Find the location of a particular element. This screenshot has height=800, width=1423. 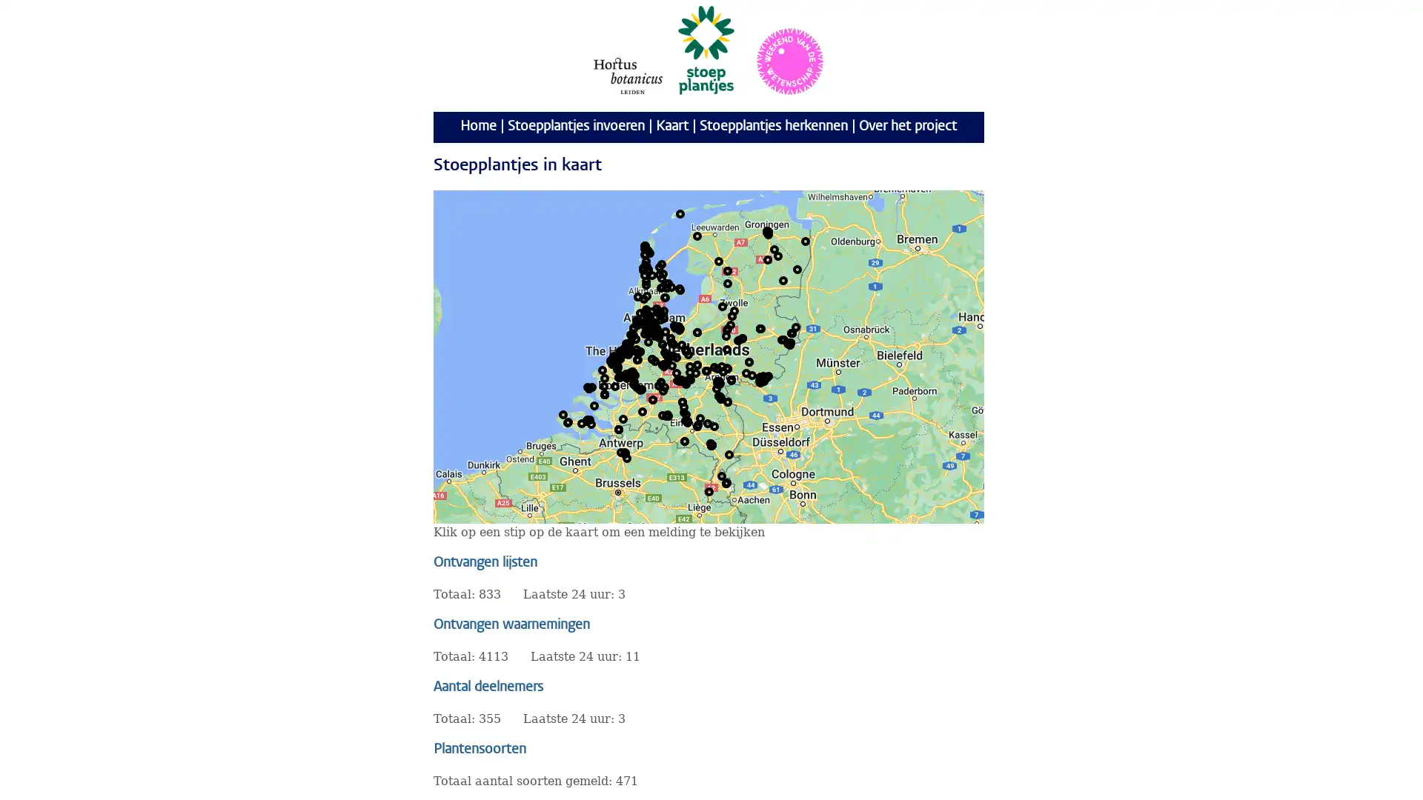

Telling van op 12 november 2021 is located at coordinates (645, 244).